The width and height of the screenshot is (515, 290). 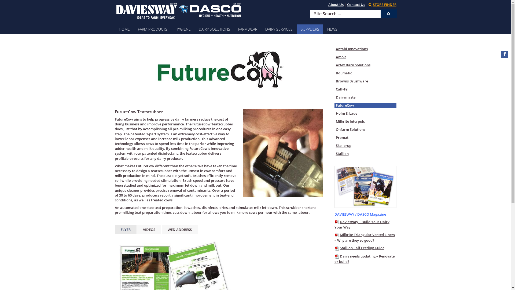 I want to click on 'FLYER', so click(x=125, y=230).